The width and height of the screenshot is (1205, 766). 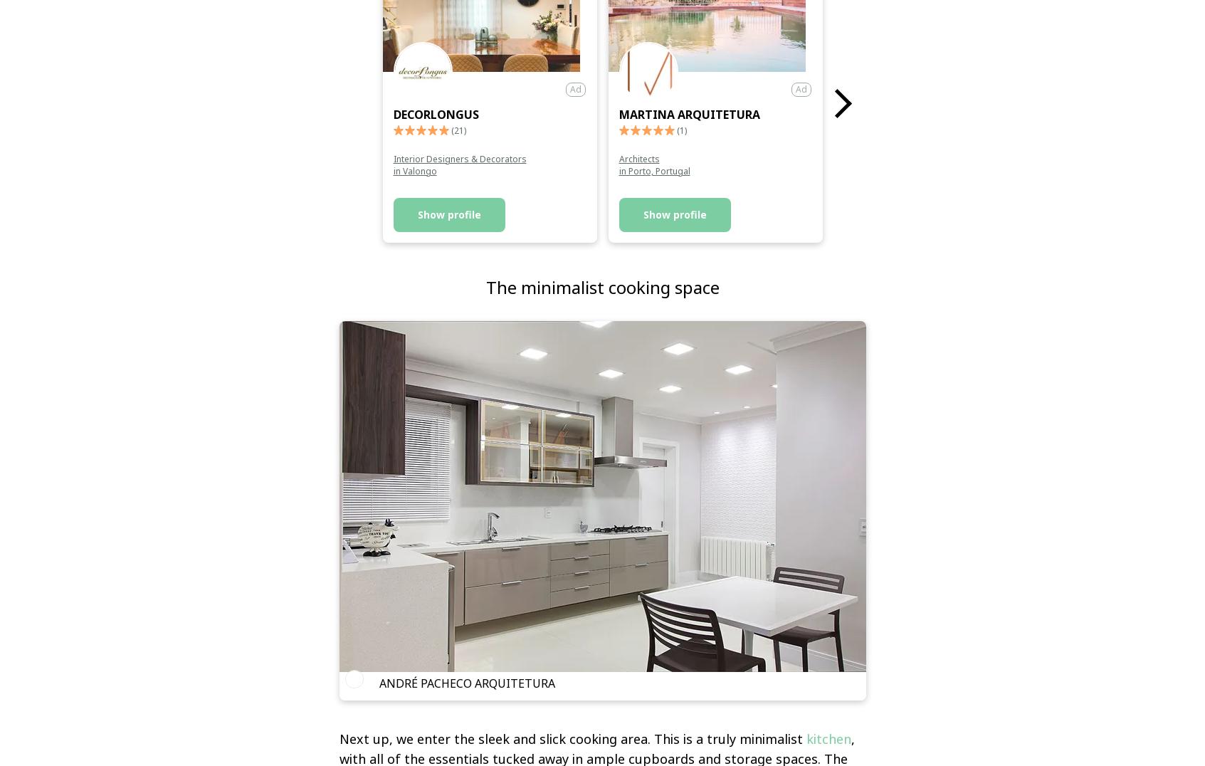 I want to click on 'Interior Designers & Decorators', so click(x=391, y=157).